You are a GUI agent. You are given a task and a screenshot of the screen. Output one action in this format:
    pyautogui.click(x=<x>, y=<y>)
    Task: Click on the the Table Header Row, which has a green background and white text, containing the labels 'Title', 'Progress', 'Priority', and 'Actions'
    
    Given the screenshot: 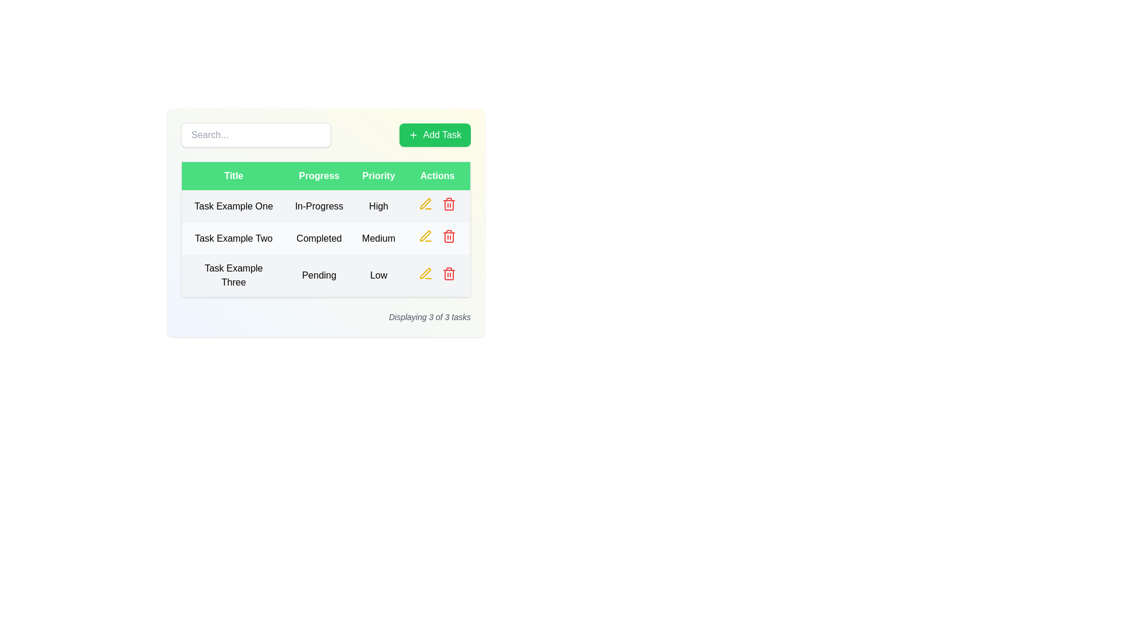 What is the action you would take?
    pyautogui.click(x=326, y=176)
    